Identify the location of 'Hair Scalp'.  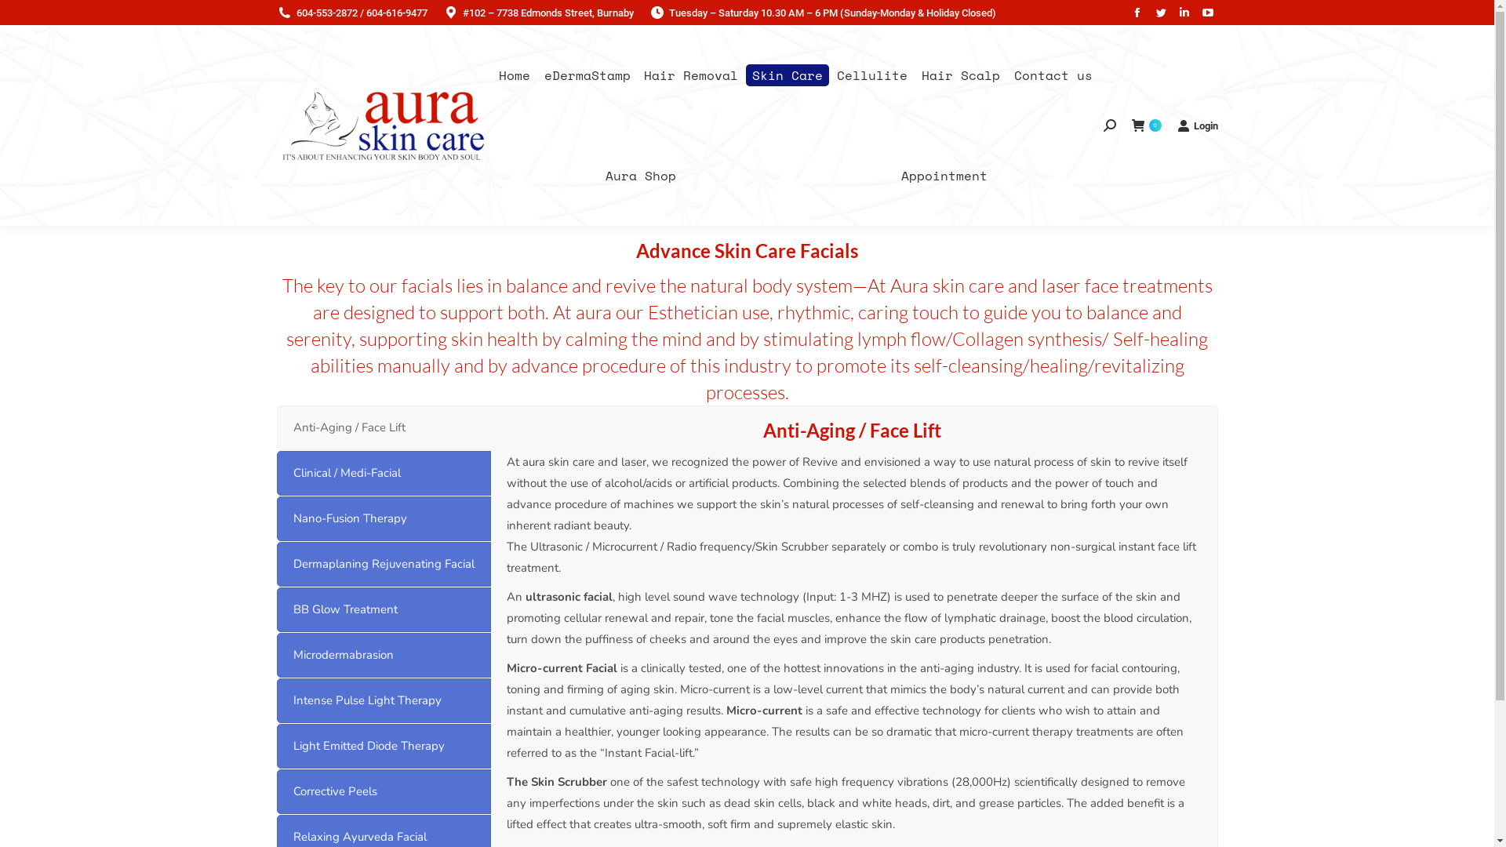
(915, 75).